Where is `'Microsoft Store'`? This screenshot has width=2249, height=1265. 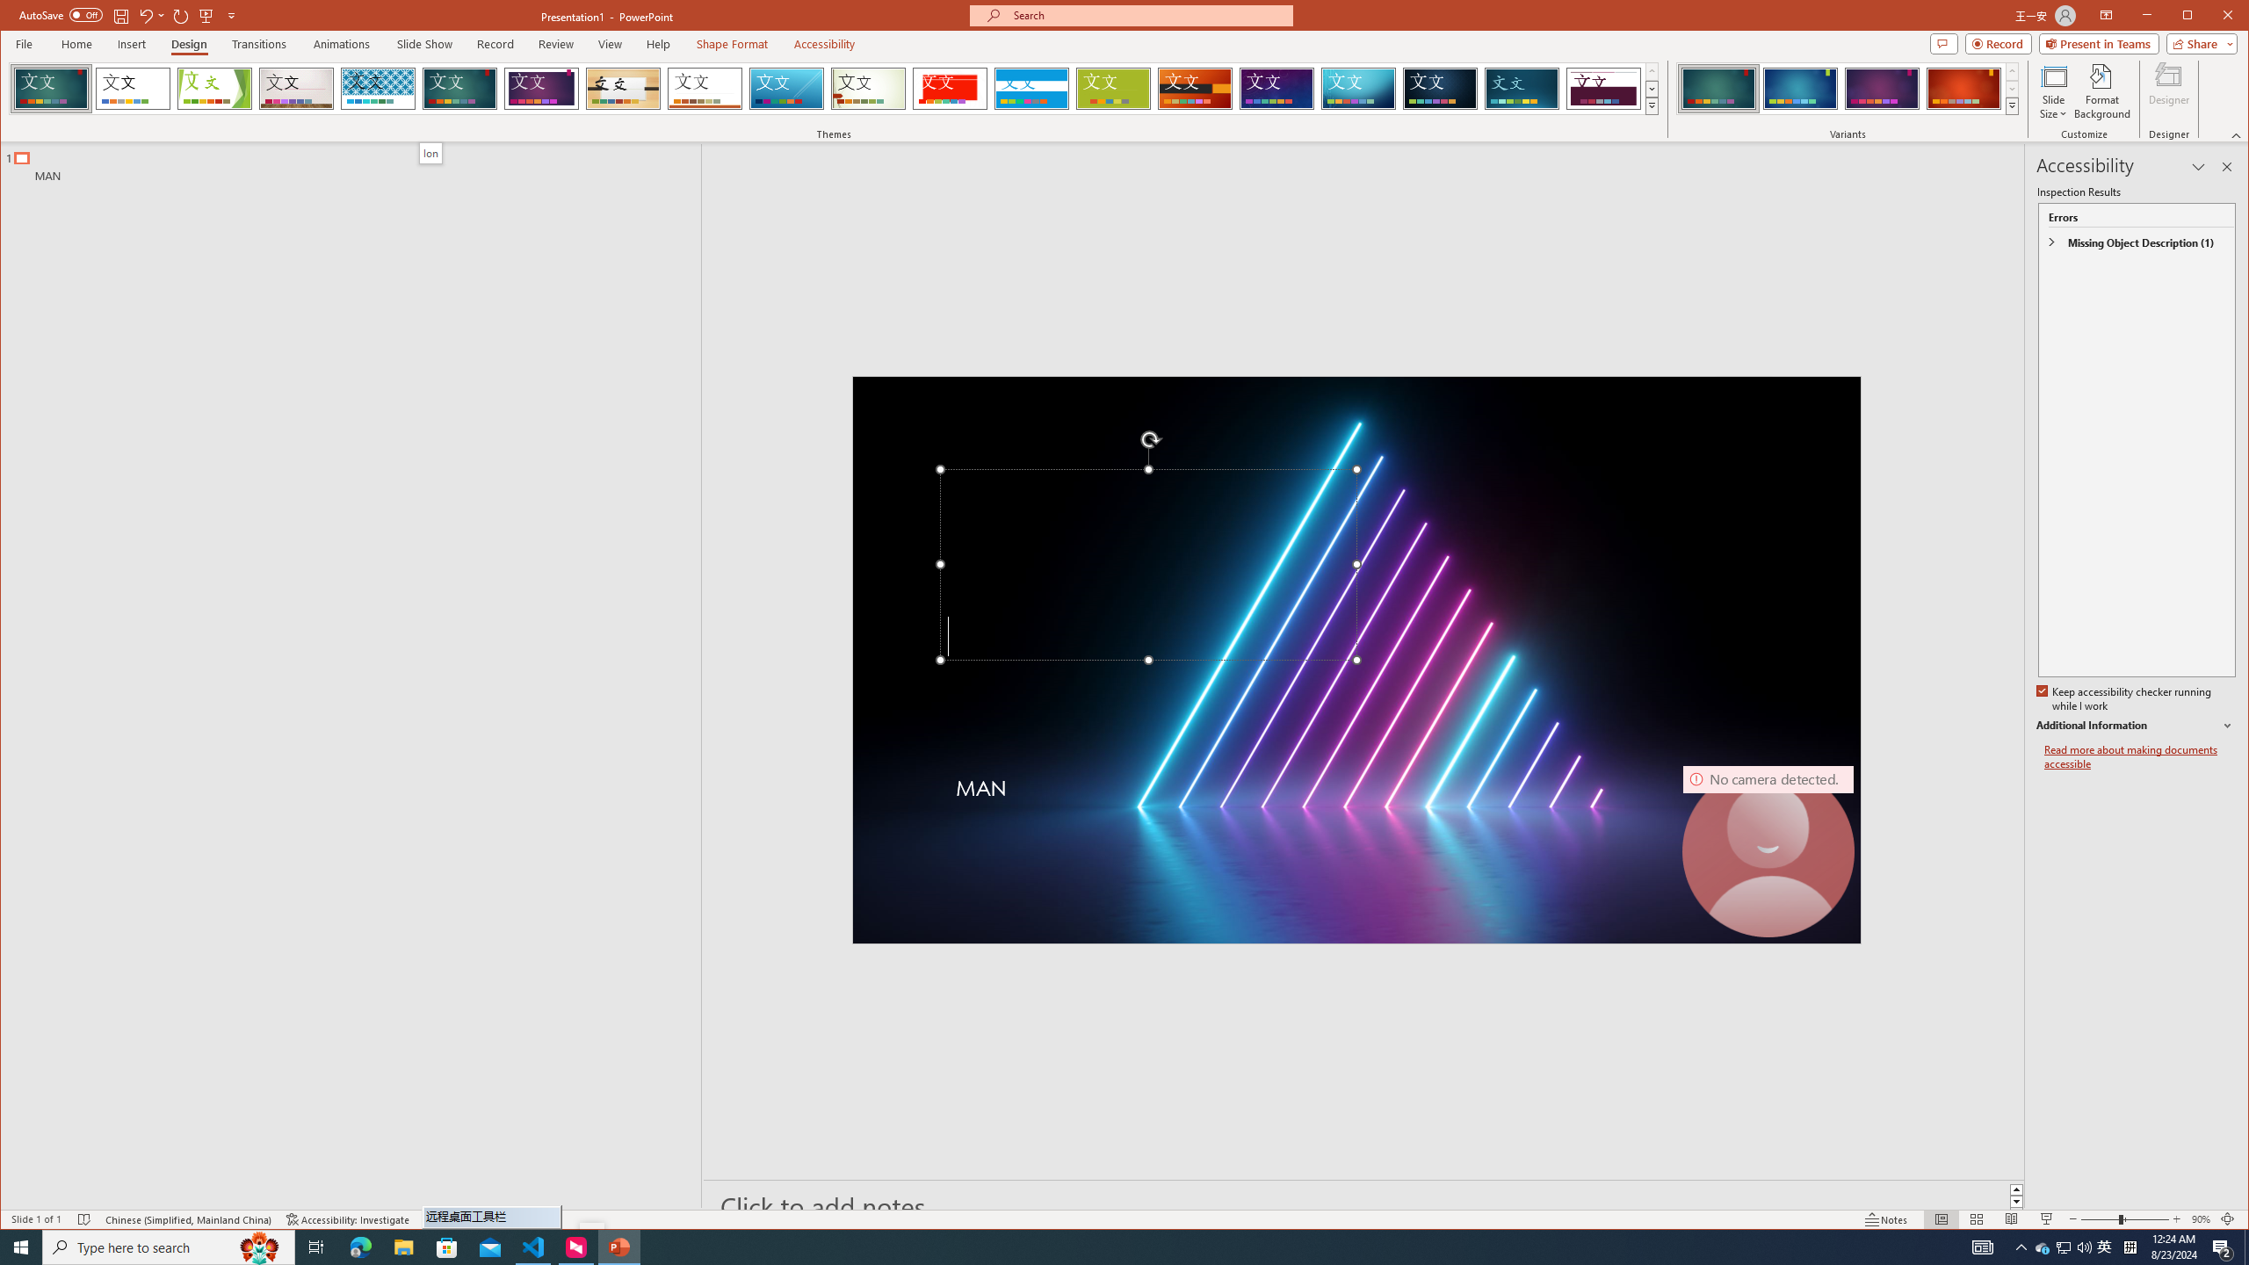
'Microsoft Store' is located at coordinates (447, 1246).